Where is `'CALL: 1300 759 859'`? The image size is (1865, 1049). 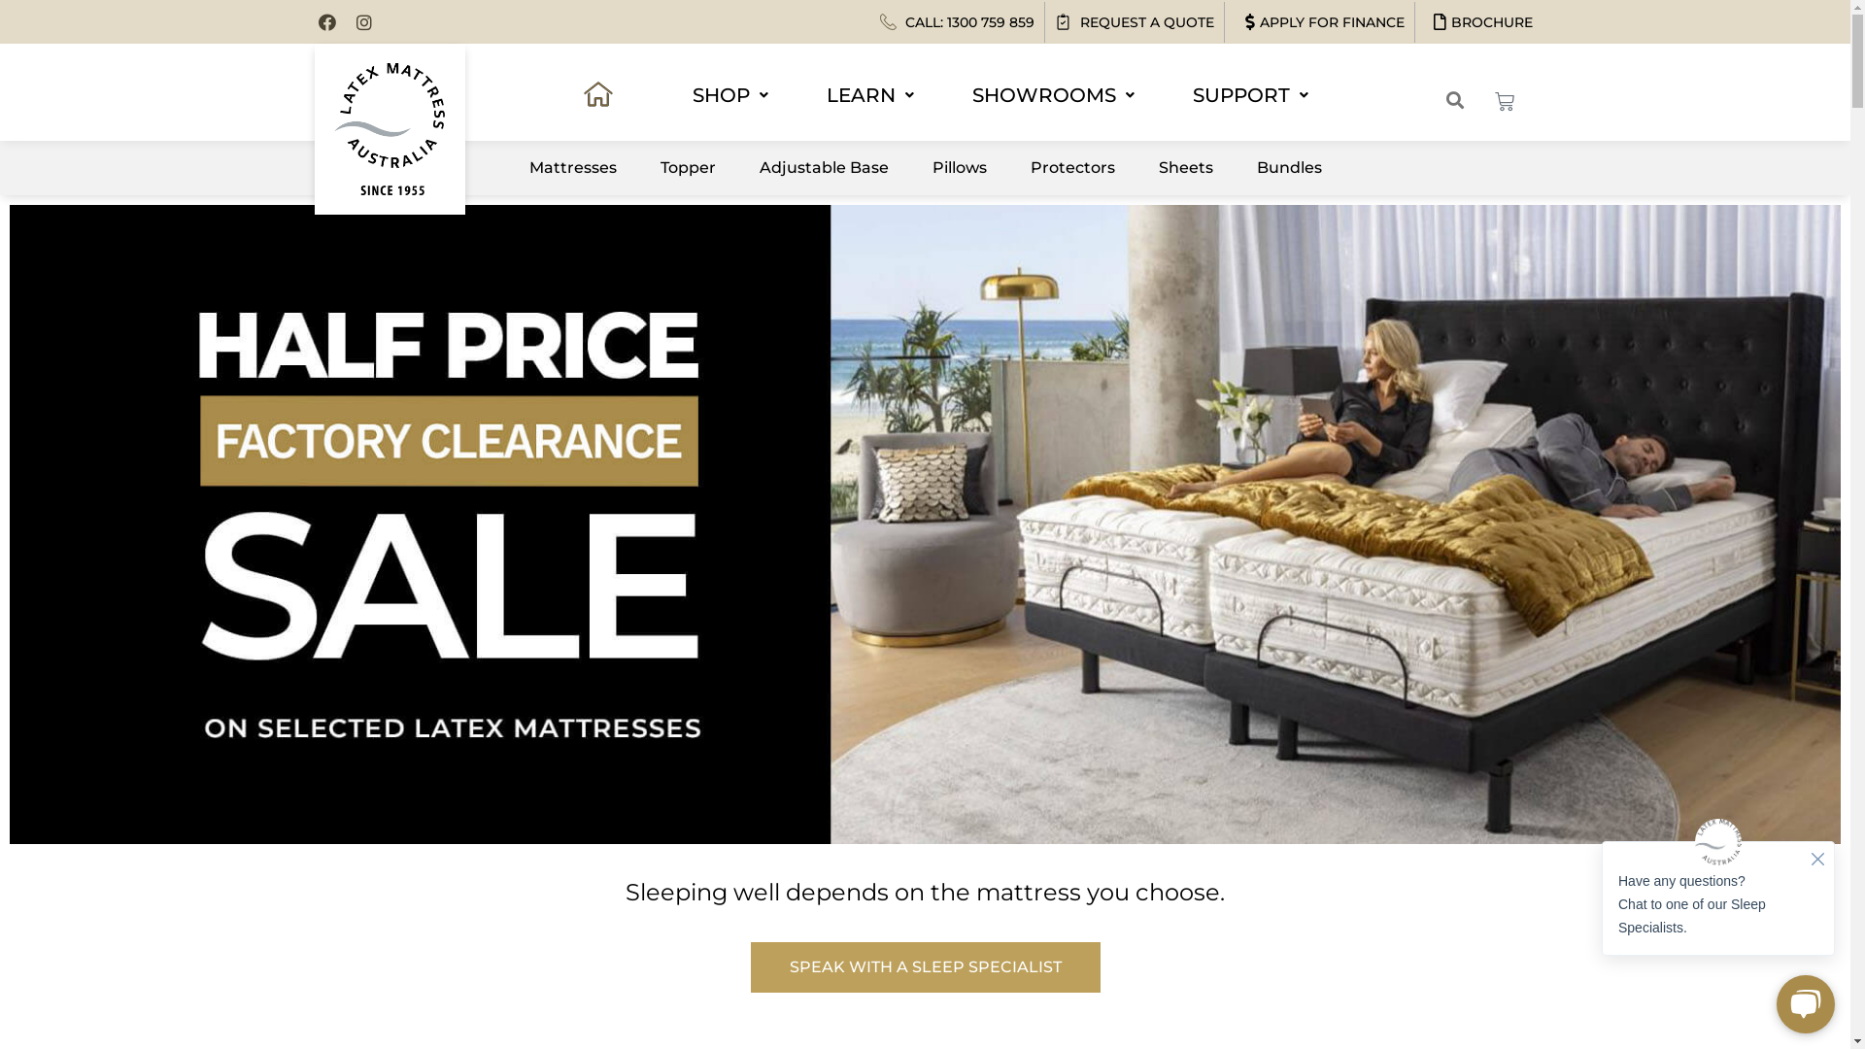
'CALL: 1300 759 859' is located at coordinates (957, 22).